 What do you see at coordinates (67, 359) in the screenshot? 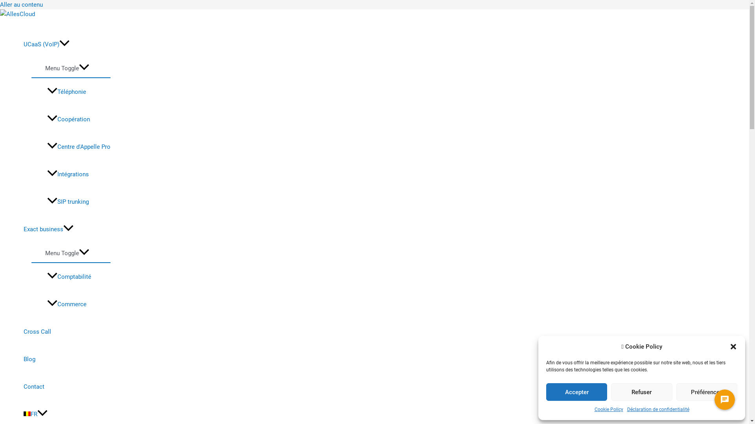
I see `'Blog'` at bounding box center [67, 359].